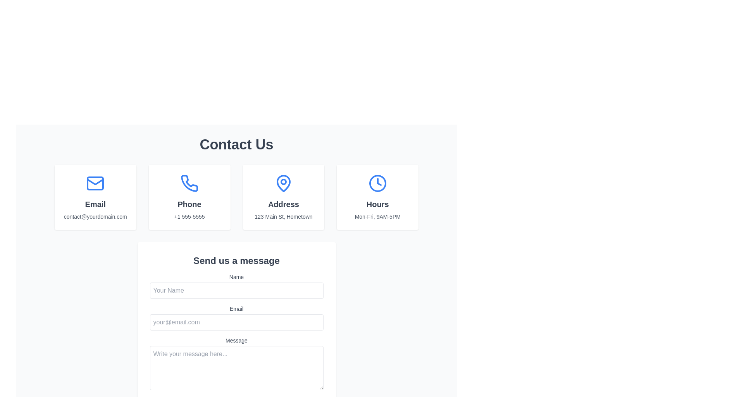 This screenshot has width=744, height=418. Describe the element at coordinates (377, 183) in the screenshot. I see `the clock icon with a blue outline in the 'Hours' section, which is the fourth item following 'Email', 'Phone', and 'Address'` at that location.